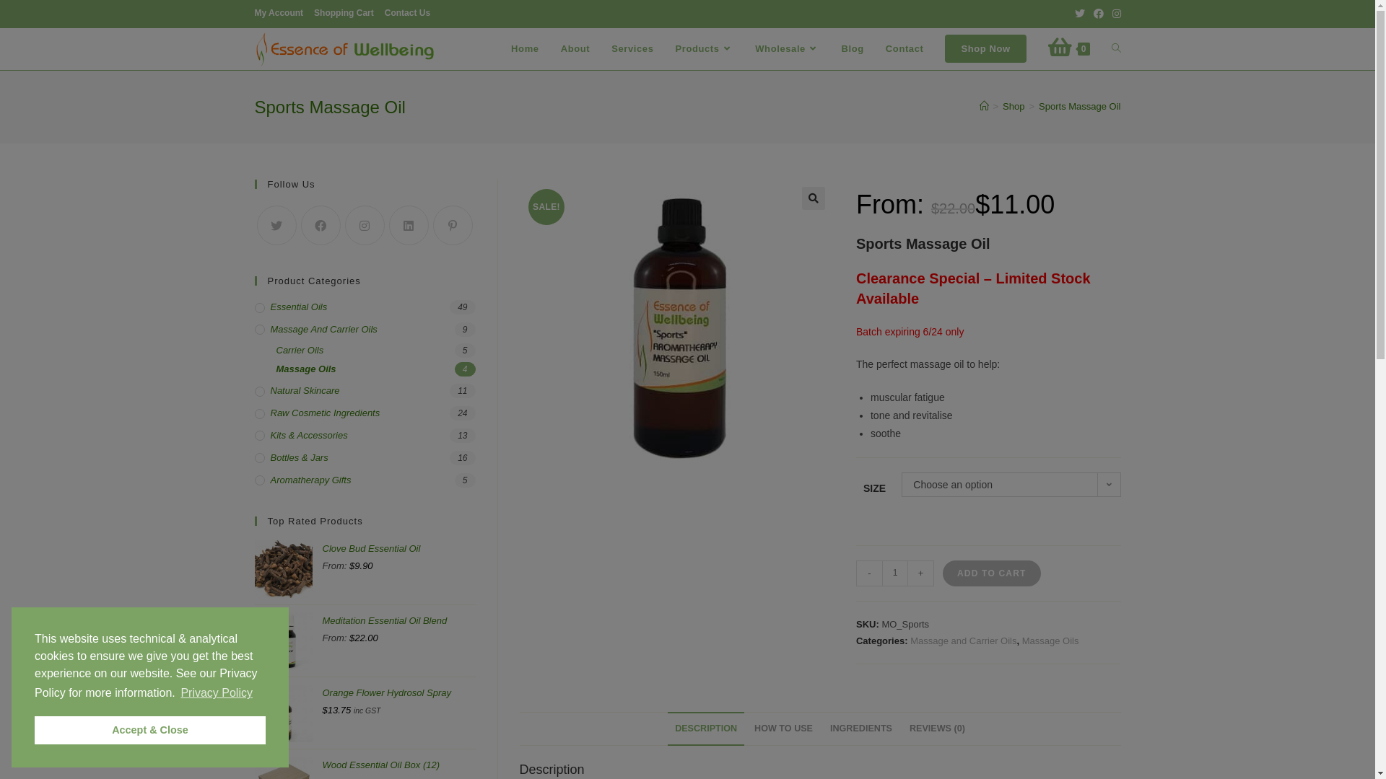 Image resolution: width=1386 pixels, height=779 pixels. I want to click on 'Clove Bud Essential Oil', so click(398, 555).